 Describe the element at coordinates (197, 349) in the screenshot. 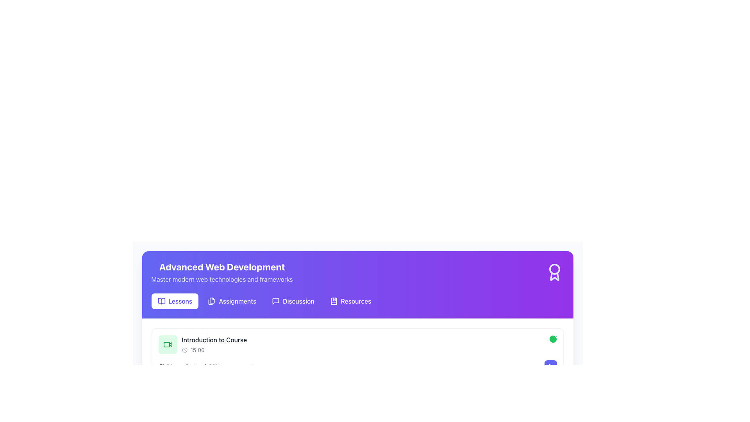

I see `the Text label displaying the time next to the clock icon below the 'Introduction to Course' section` at that location.